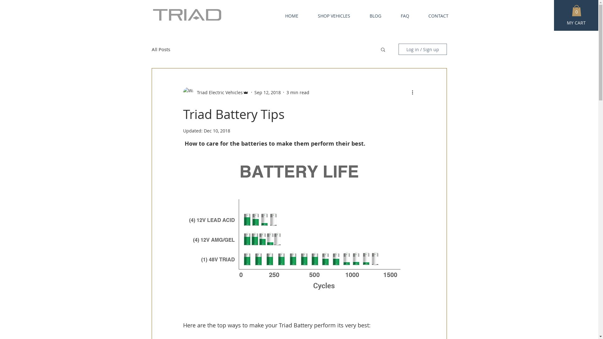 The image size is (603, 339). Describe the element at coordinates (433, 15) in the screenshot. I see `'CONTACT'` at that location.